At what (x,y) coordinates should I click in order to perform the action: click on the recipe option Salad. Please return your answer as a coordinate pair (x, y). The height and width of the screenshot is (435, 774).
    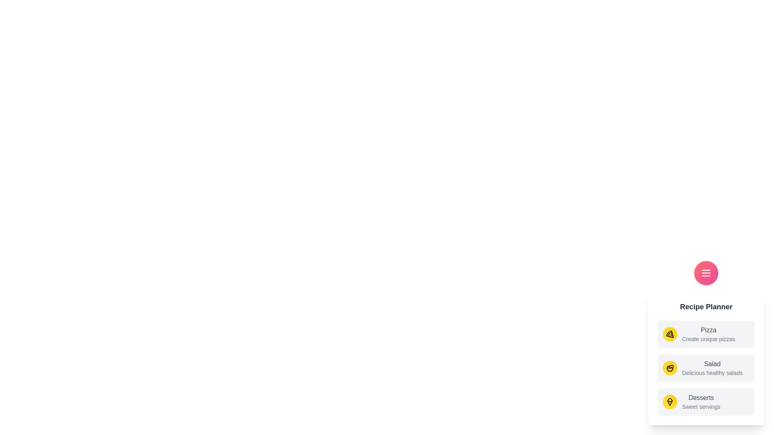
    Looking at the image, I should click on (706, 368).